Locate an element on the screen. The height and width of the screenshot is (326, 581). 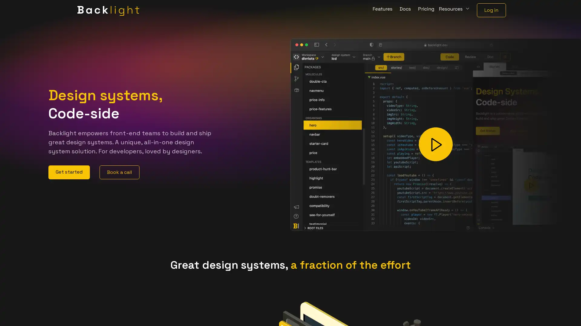
Resources is located at coordinates (455, 10).